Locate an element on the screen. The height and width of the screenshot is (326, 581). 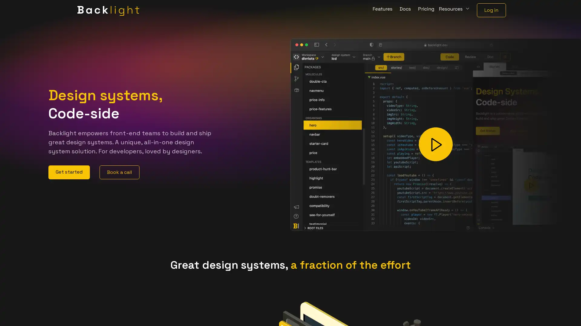
Resources is located at coordinates (455, 10).